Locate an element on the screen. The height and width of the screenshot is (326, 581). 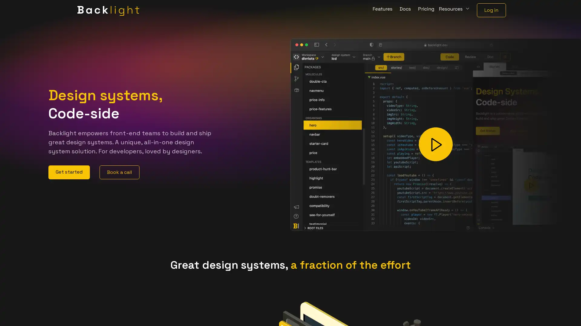
Resources is located at coordinates (455, 10).